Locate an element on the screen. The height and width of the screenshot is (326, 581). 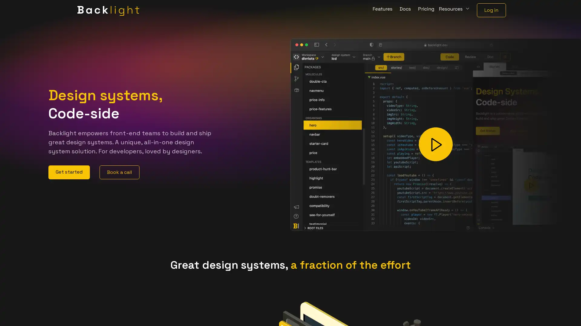
Resources is located at coordinates (455, 10).